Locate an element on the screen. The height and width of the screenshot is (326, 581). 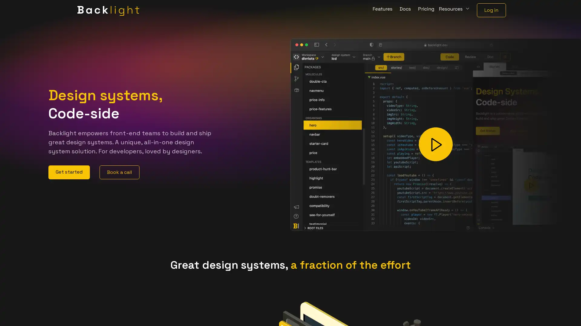
Resources is located at coordinates (455, 10).